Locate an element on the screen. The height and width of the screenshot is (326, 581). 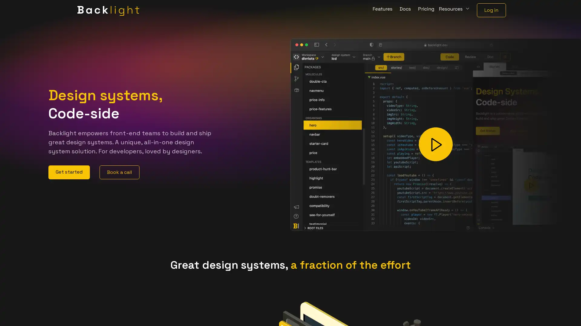
Resources is located at coordinates (455, 10).